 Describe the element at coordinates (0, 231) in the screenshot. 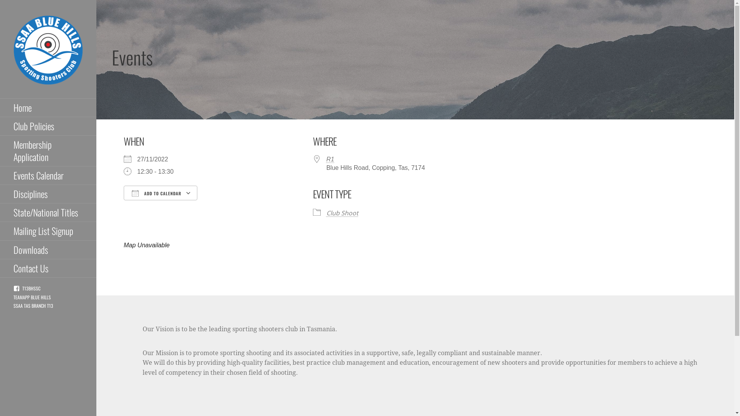

I see `'Mailing List Signup'` at that location.